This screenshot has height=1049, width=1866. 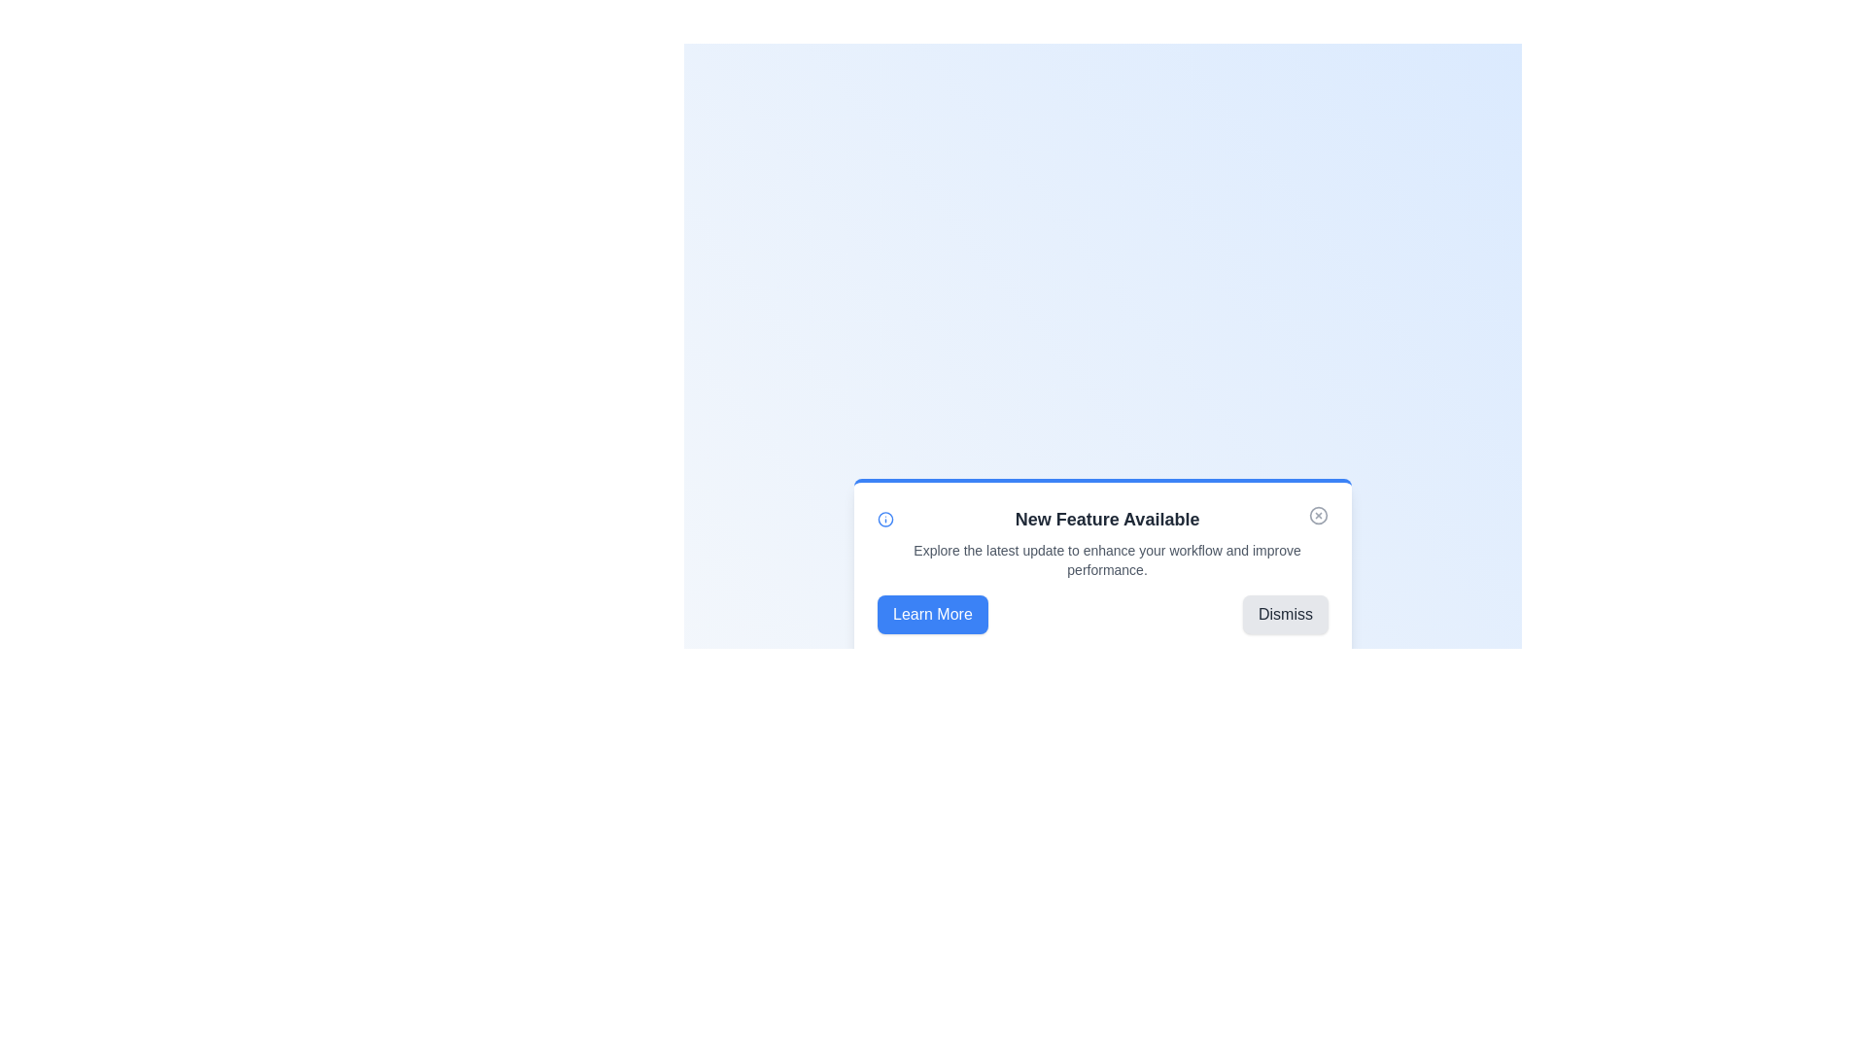 What do you see at coordinates (1319, 515) in the screenshot?
I see `the close icon to hide the alert` at bounding box center [1319, 515].